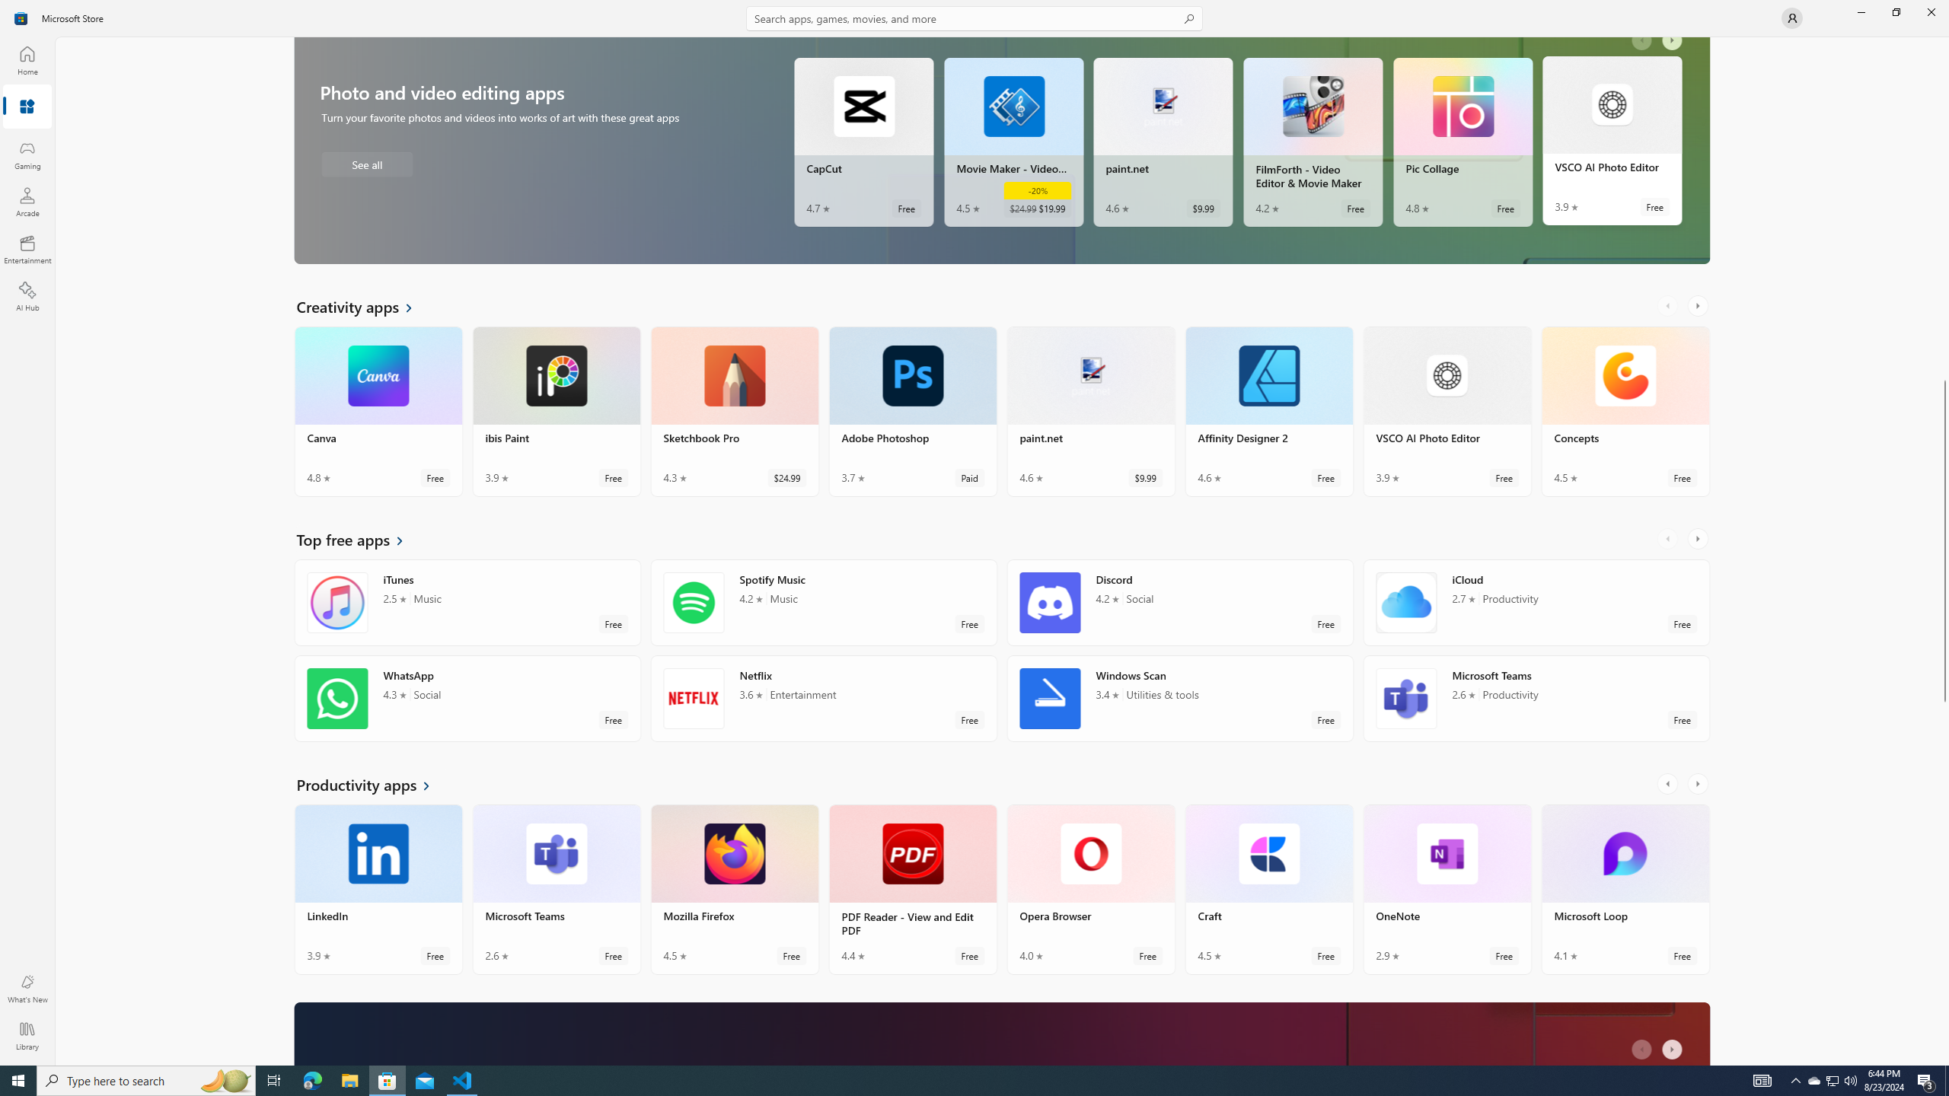  I want to click on 'AutomationID: LeftScrollButton', so click(1644, 1050).